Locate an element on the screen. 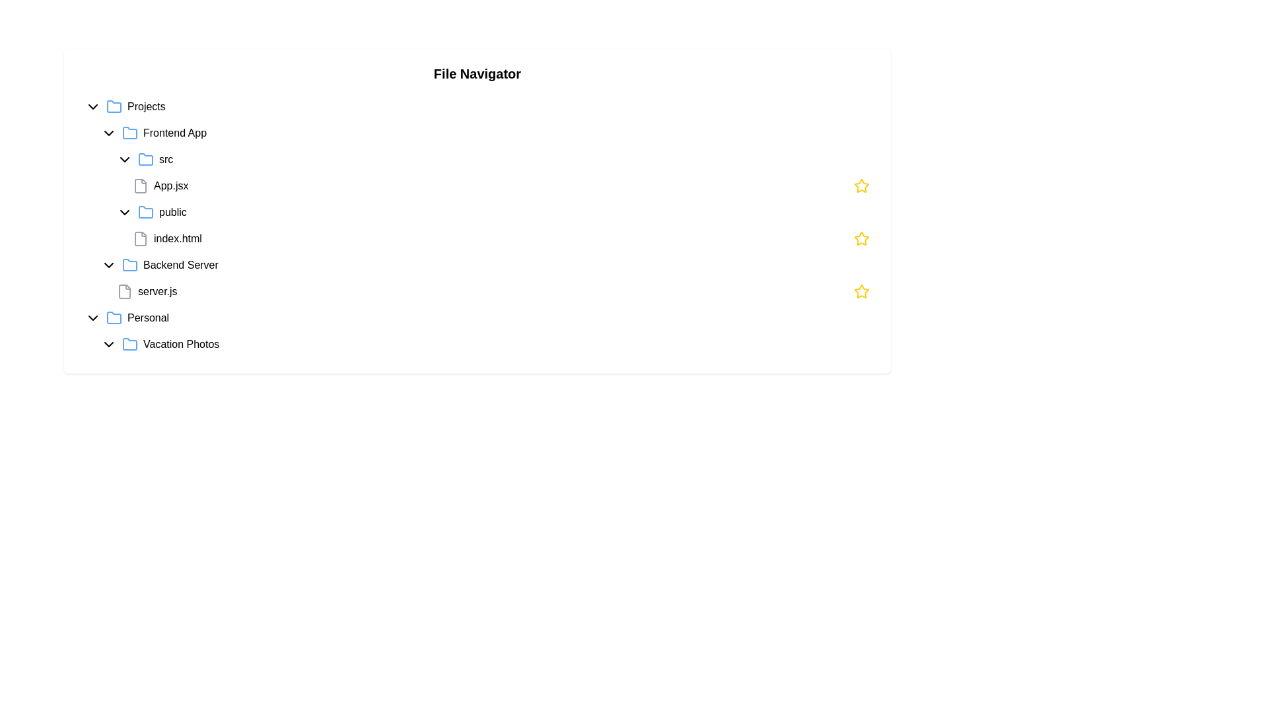 Image resolution: width=1268 pixels, height=713 pixels. the 'Vacation Photos' text label in the 'Personal' folder is located at coordinates (180, 343).